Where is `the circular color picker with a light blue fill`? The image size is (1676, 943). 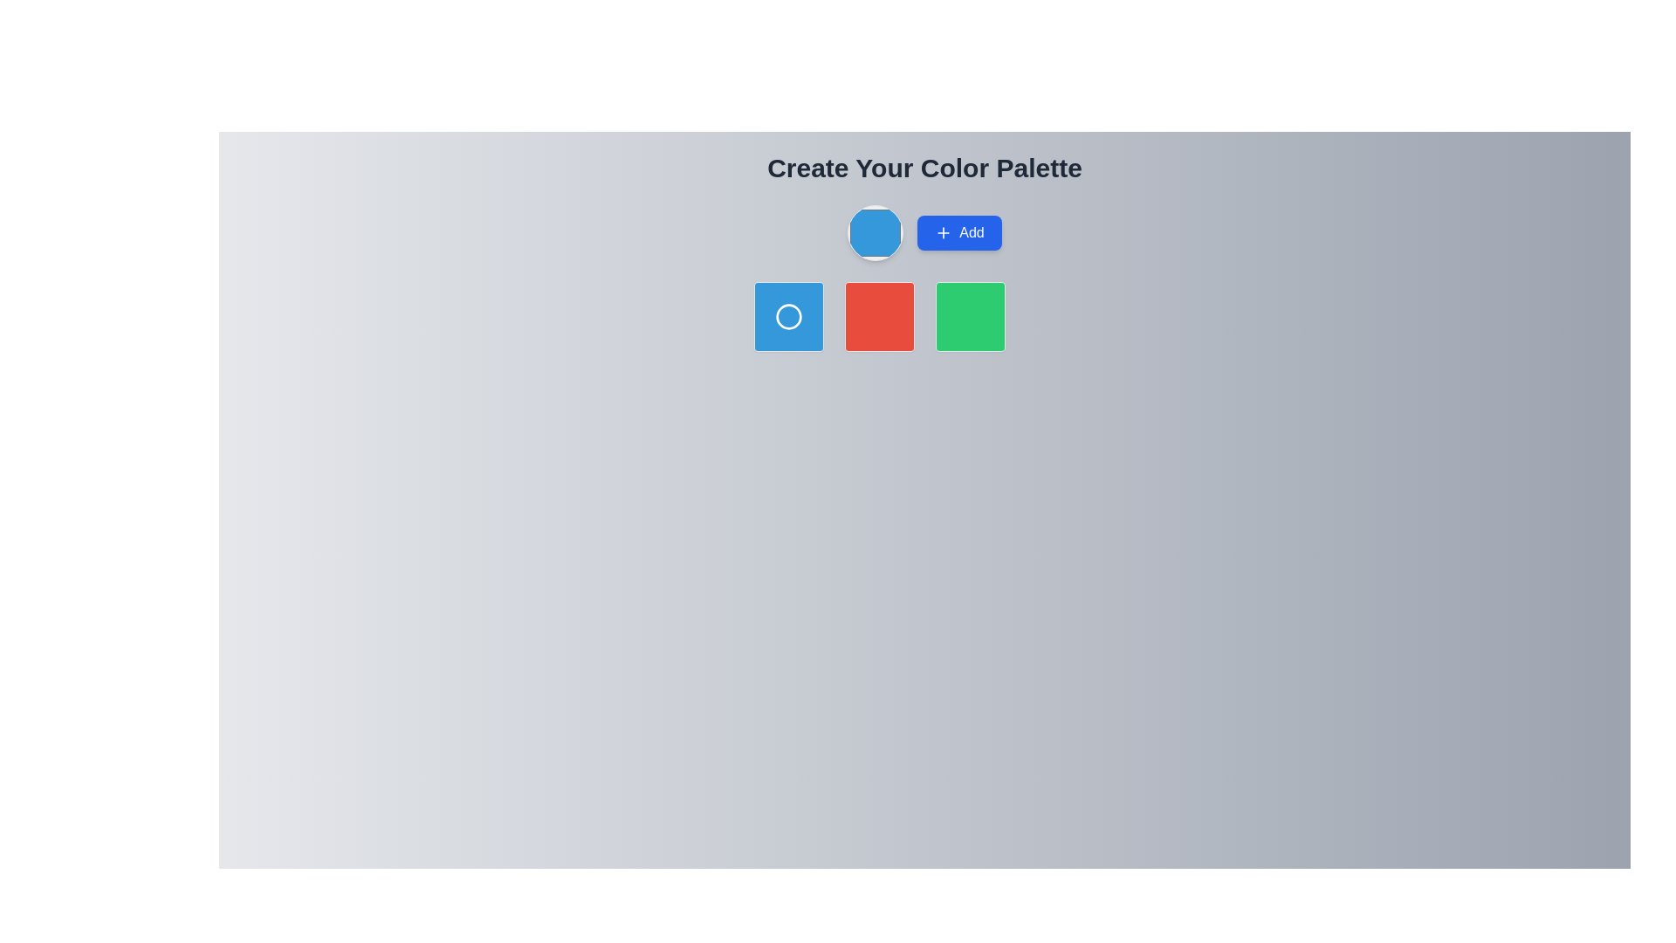 the circular color picker with a light blue fill is located at coordinates (876, 231).